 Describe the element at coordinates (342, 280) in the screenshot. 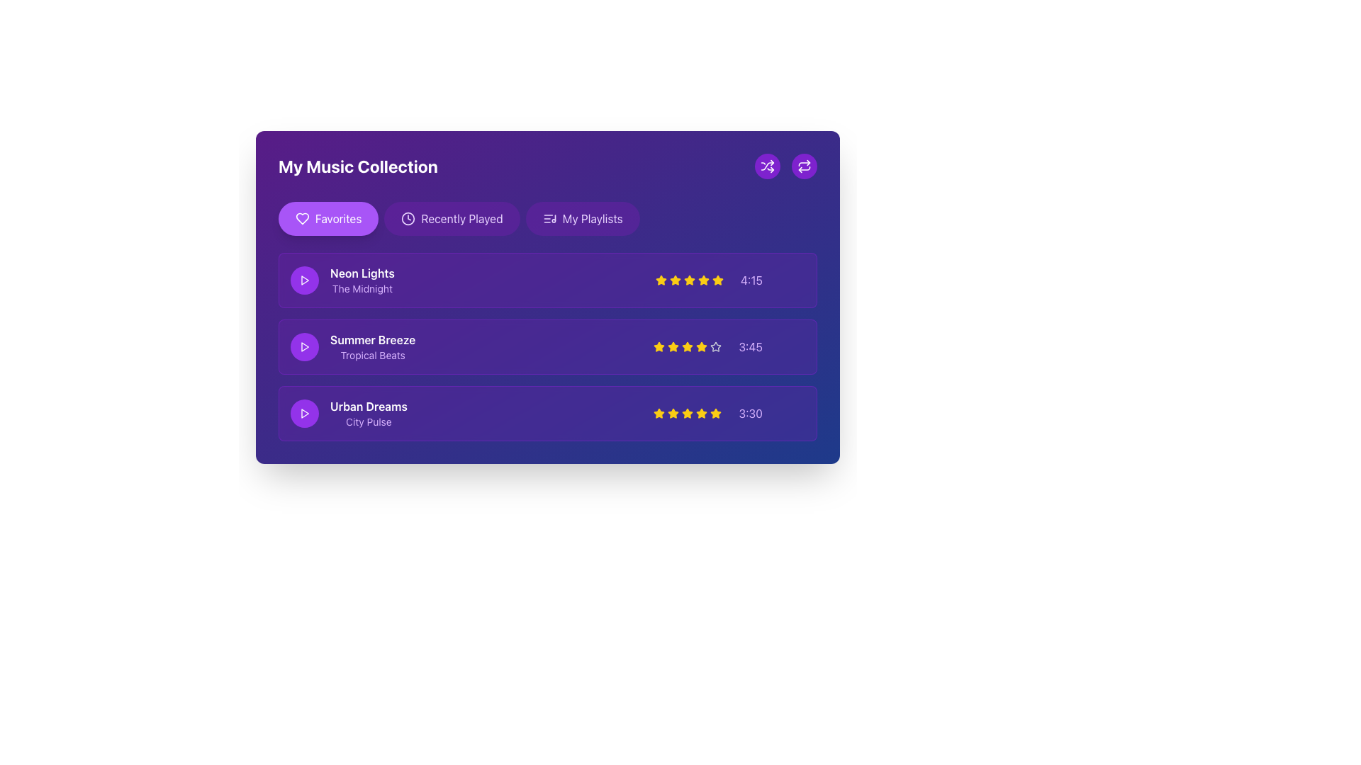

I see `the text of the music track entry that includes the track's title and artist's name in the first row of the playlist under 'My Music Collection'` at that location.